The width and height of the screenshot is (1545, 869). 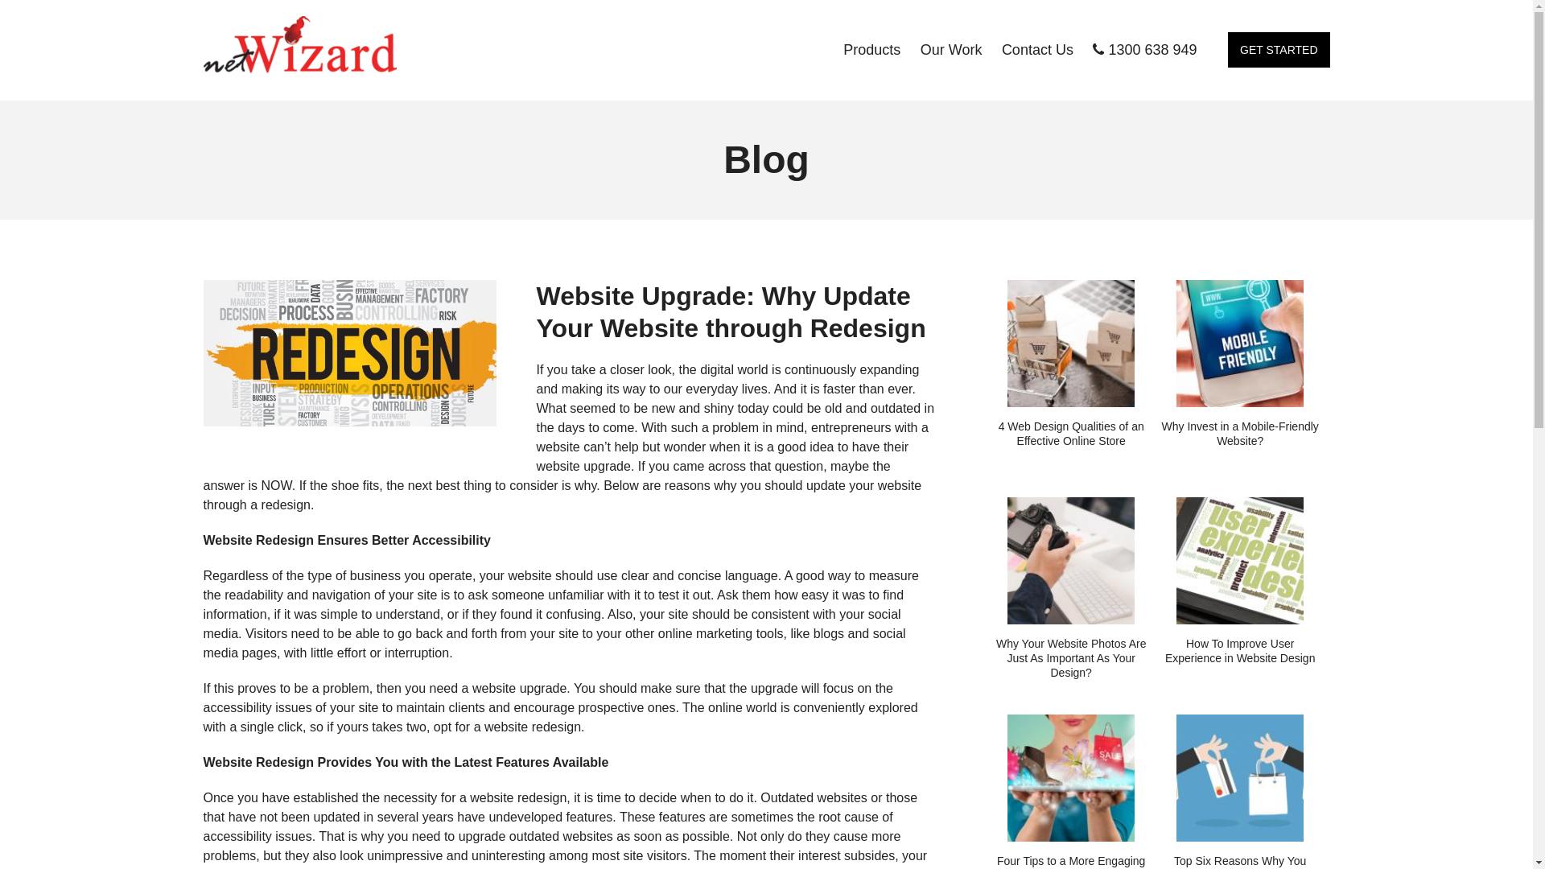 I want to click on 'Products', so click(x=871, y=48).